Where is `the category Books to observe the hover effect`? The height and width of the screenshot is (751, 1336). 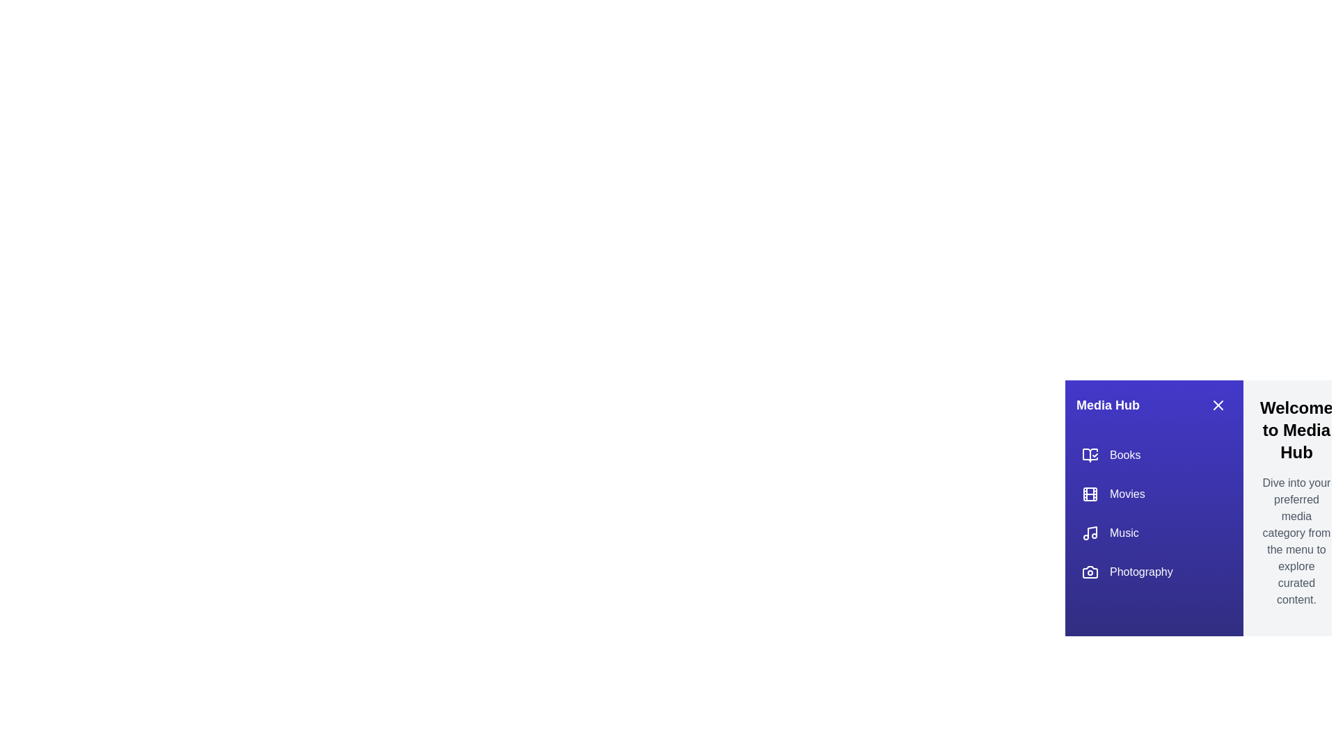
the category Books to observe the hover effect is located at coordinates (1154, 455).